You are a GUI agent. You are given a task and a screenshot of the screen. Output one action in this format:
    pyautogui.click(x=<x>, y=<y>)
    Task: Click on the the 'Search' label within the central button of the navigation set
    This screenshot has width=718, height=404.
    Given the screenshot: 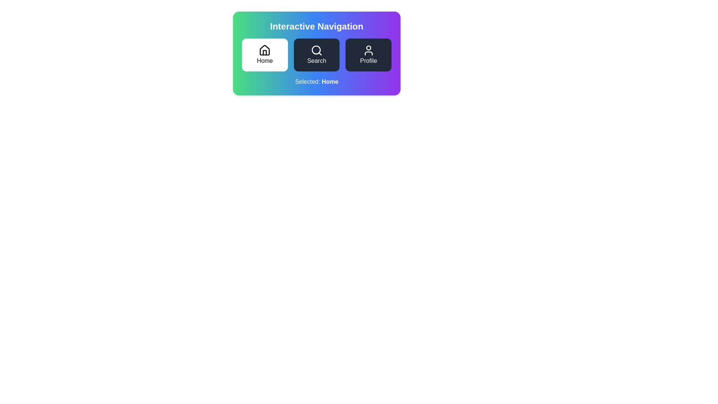 What is the action you would take?
    pyautogui.click(x=316, y=60)
    